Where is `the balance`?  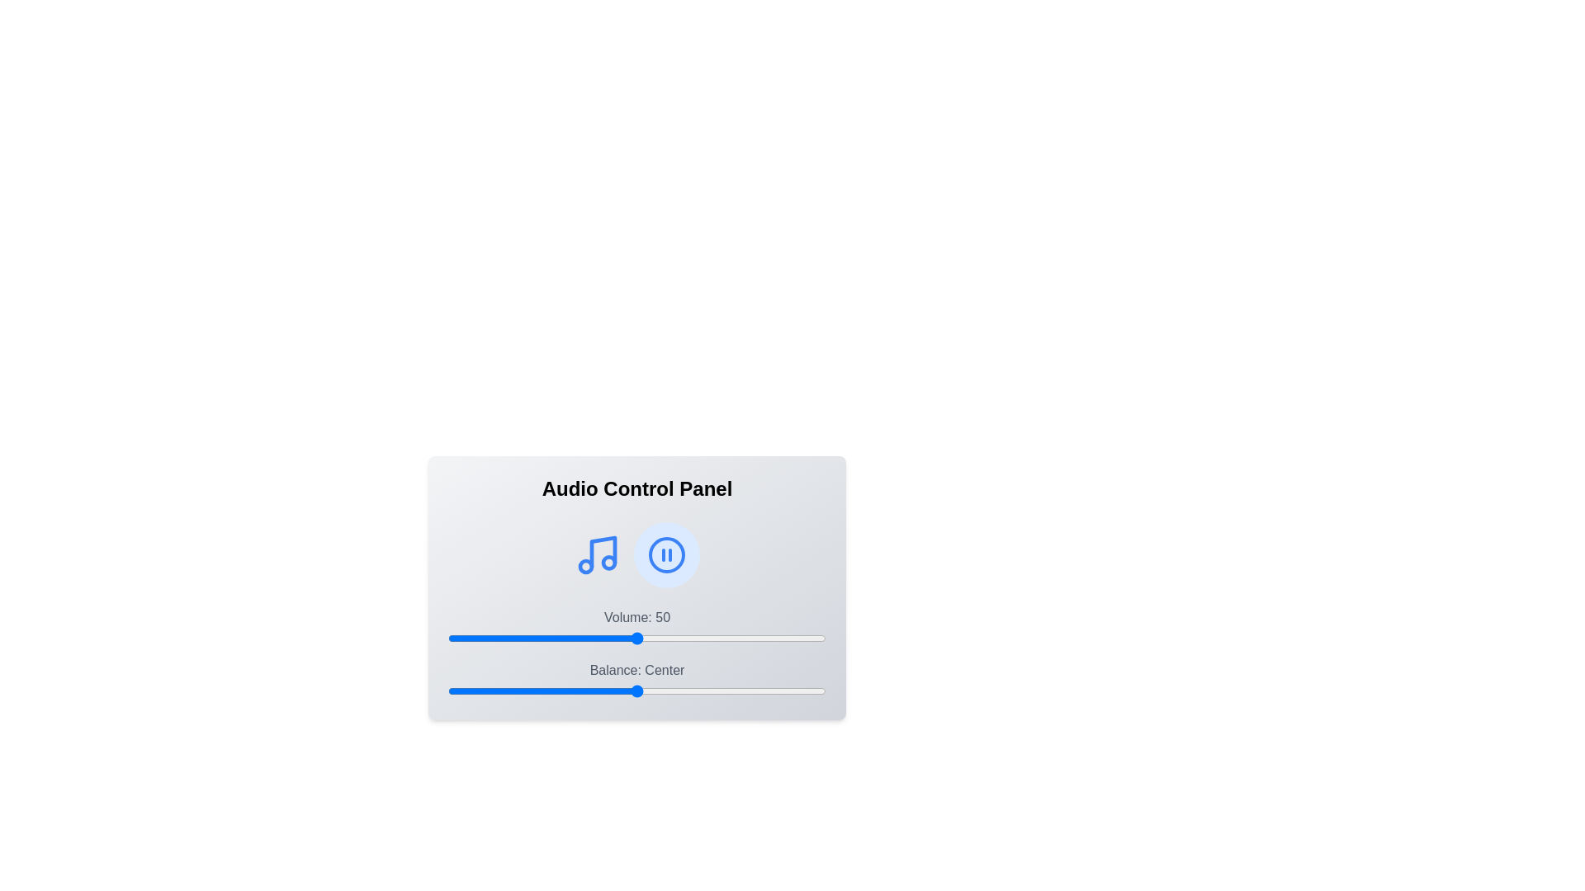
the balance is located at coordinates (550, 691).